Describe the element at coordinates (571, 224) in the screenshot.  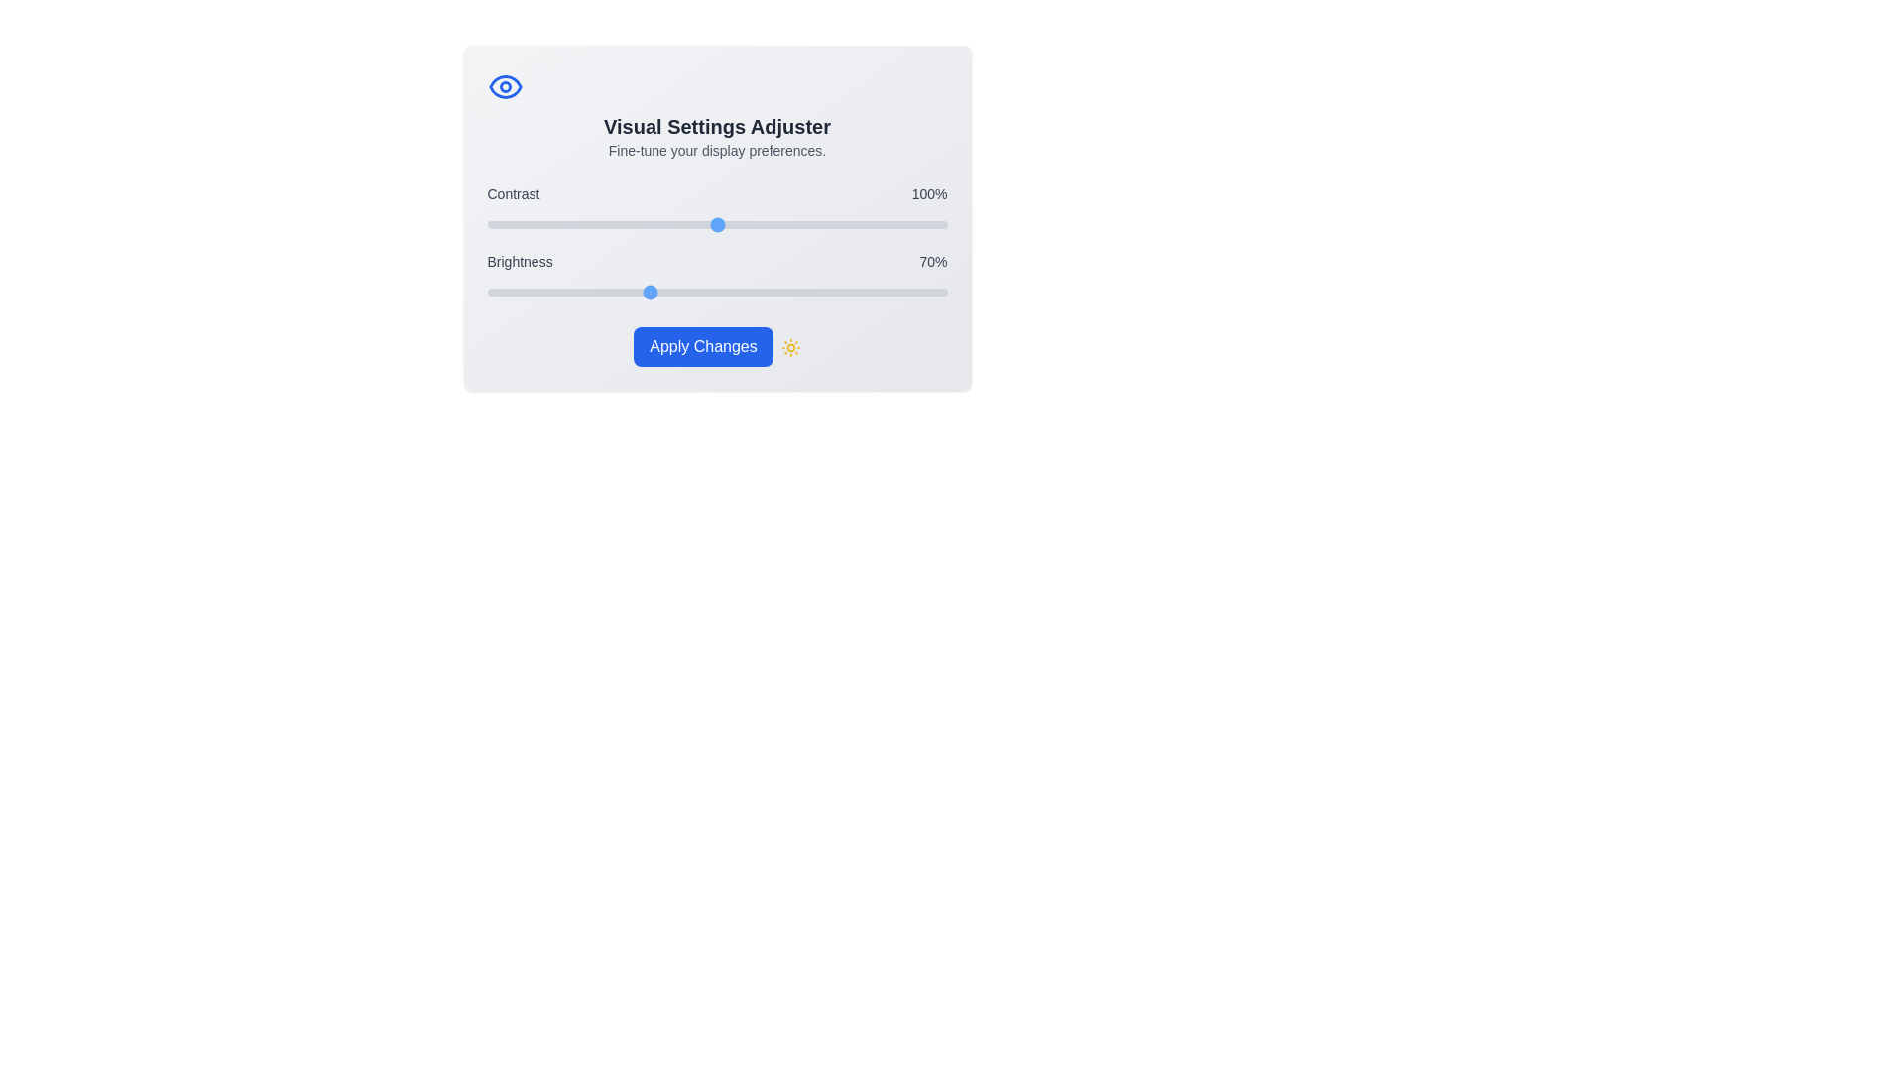
I see `the 'Contrast' slider to 37% by dragging the slider to the corresponding position` at that location.